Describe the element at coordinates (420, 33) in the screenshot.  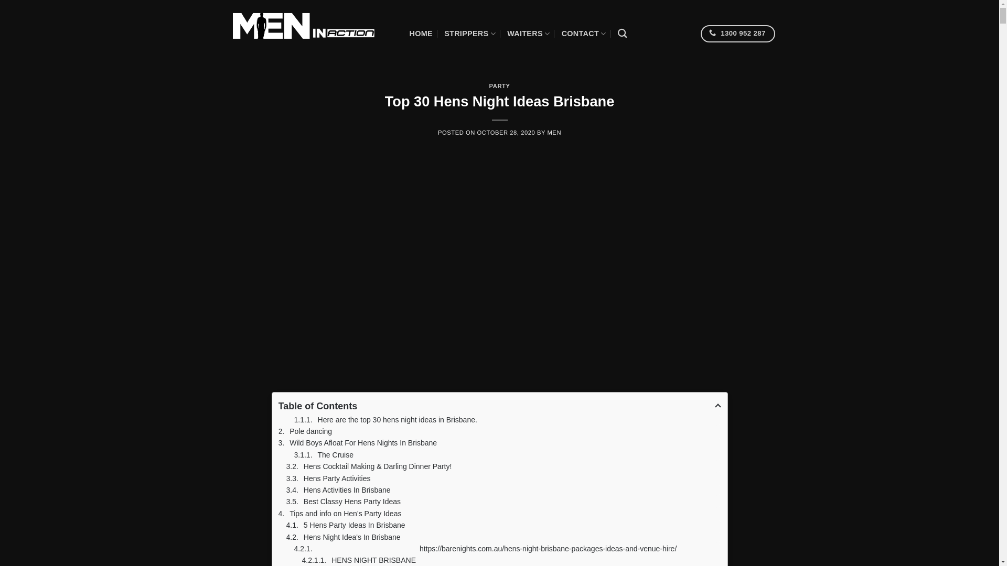
I see `'HOME'` at that location.